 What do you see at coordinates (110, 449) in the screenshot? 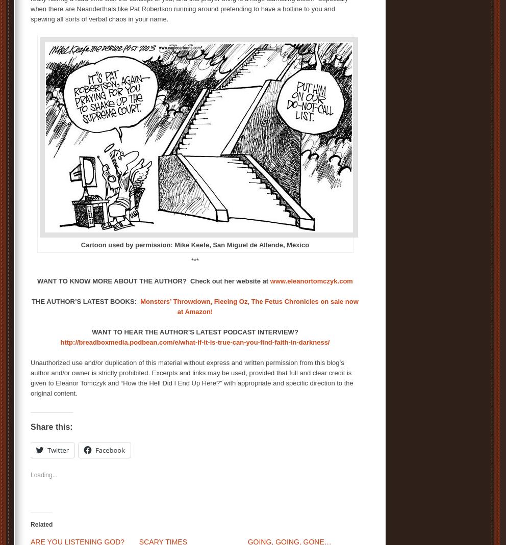
I see `'Facebook'` at bounding box center [110, 449].